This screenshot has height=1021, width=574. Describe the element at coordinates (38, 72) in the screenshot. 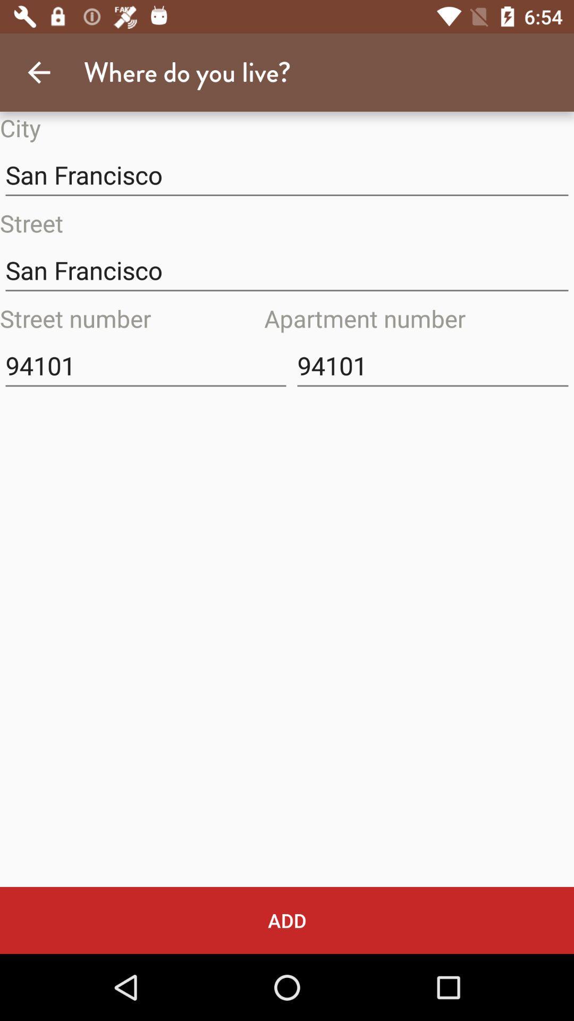

I see `item above the city icon` at that location.